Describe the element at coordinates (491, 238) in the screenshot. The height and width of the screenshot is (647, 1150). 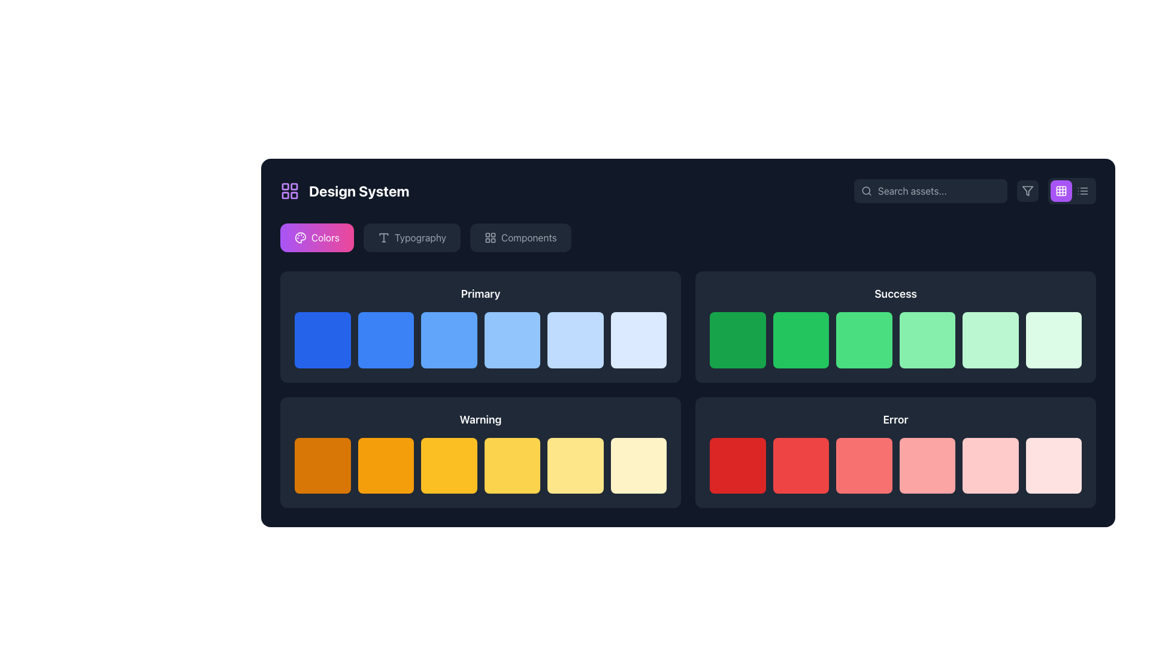
I see `the SVG-based layout grid icon located inside the 'Components' button, positioned to the left of the text 'Components'` at that location.